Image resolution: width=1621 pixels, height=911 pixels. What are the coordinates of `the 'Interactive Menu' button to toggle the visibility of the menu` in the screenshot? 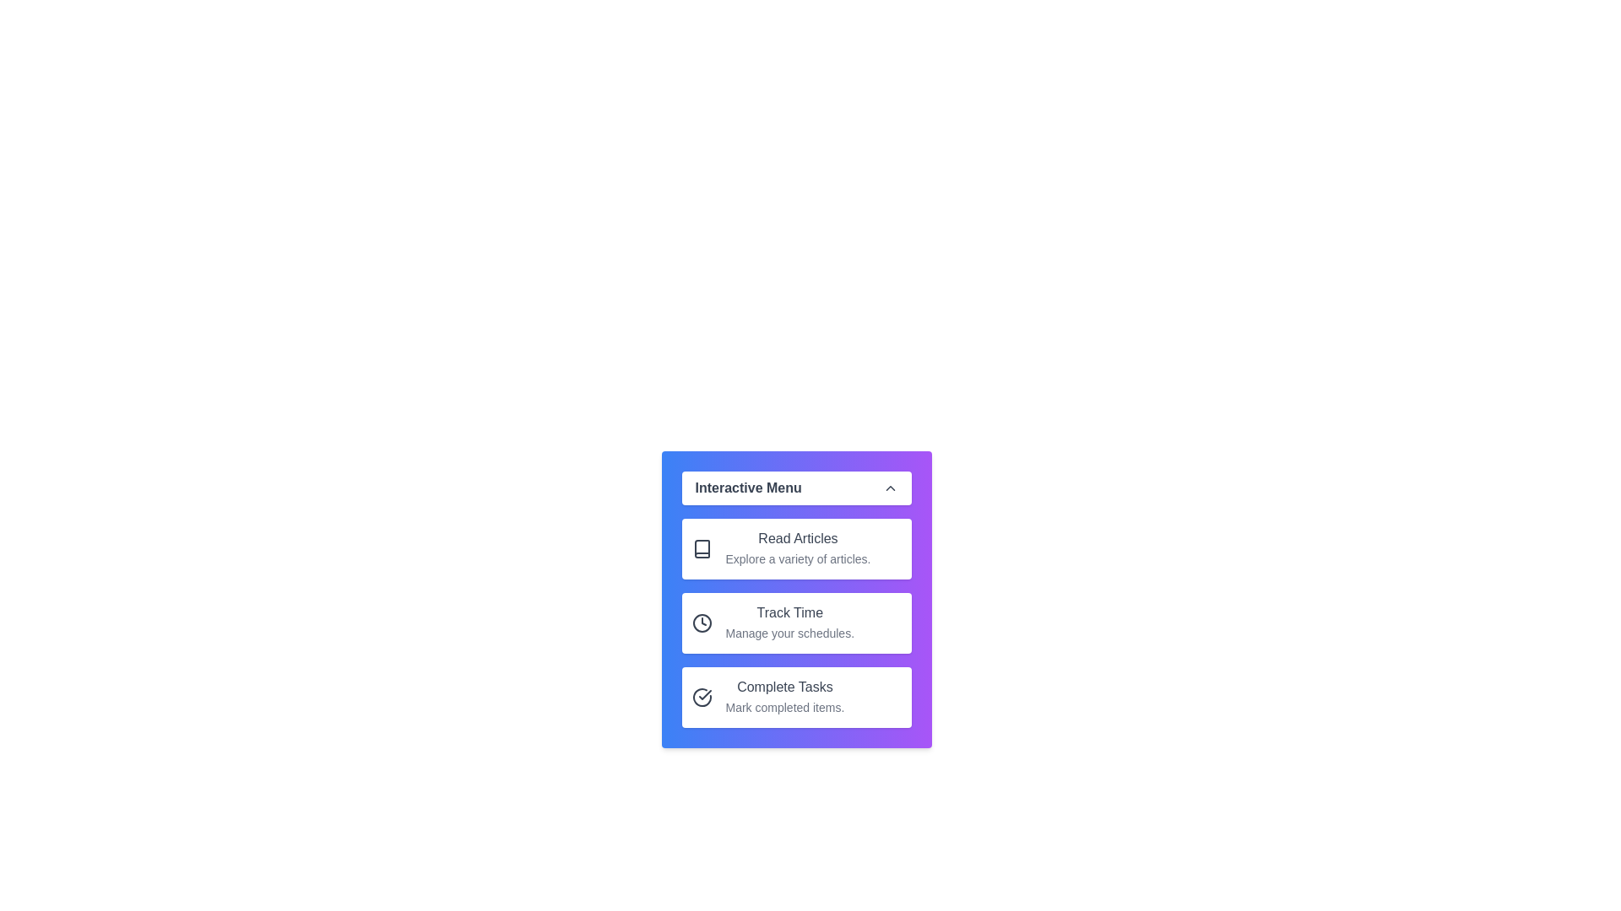 It's located at (795, 488).